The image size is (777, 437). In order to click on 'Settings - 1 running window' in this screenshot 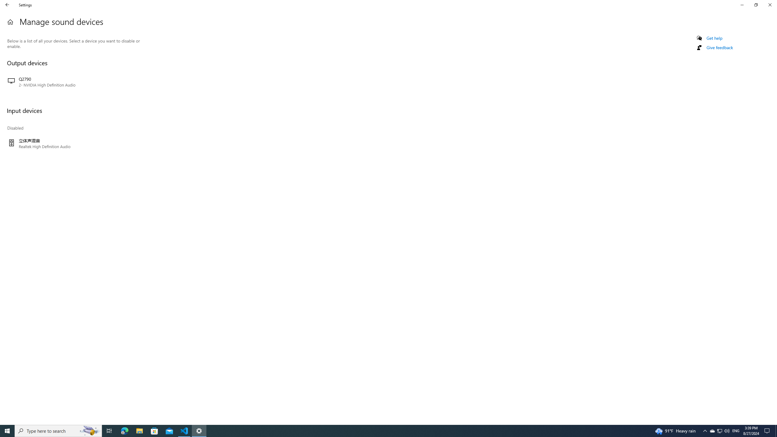, I will do `click(199, 430)`.